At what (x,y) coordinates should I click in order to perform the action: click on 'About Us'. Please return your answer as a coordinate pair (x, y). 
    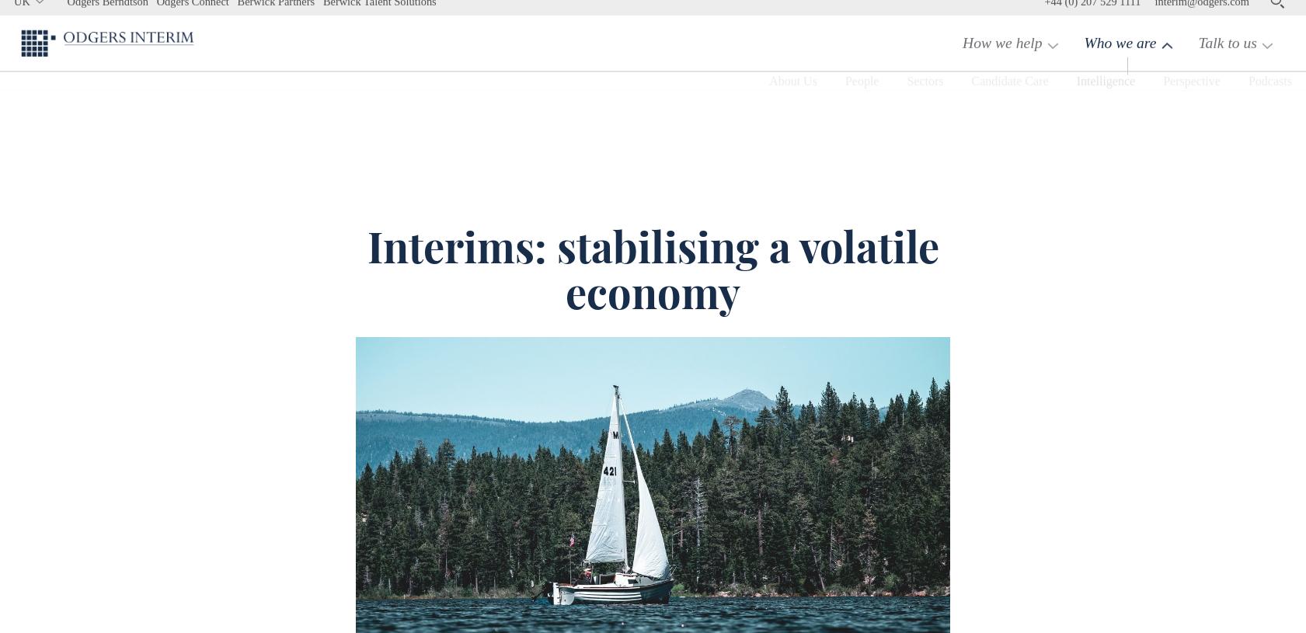
    Looking at the image, I should click on (730, 117).